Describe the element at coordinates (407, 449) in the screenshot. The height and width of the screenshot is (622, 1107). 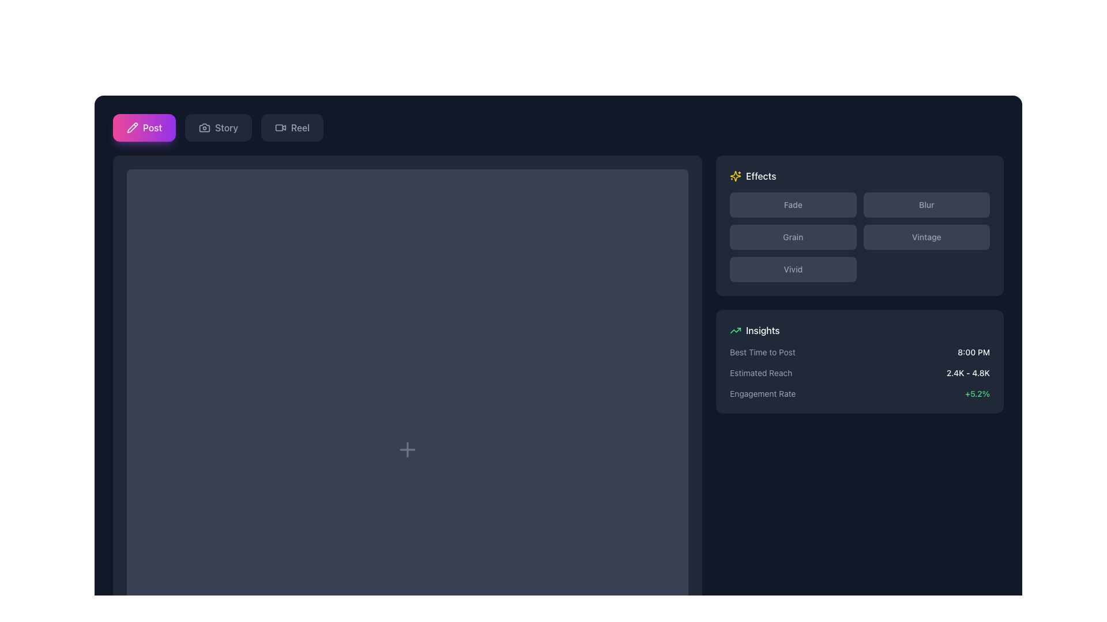
I see `the '+' icon located centrally within a dark background area` at that location.